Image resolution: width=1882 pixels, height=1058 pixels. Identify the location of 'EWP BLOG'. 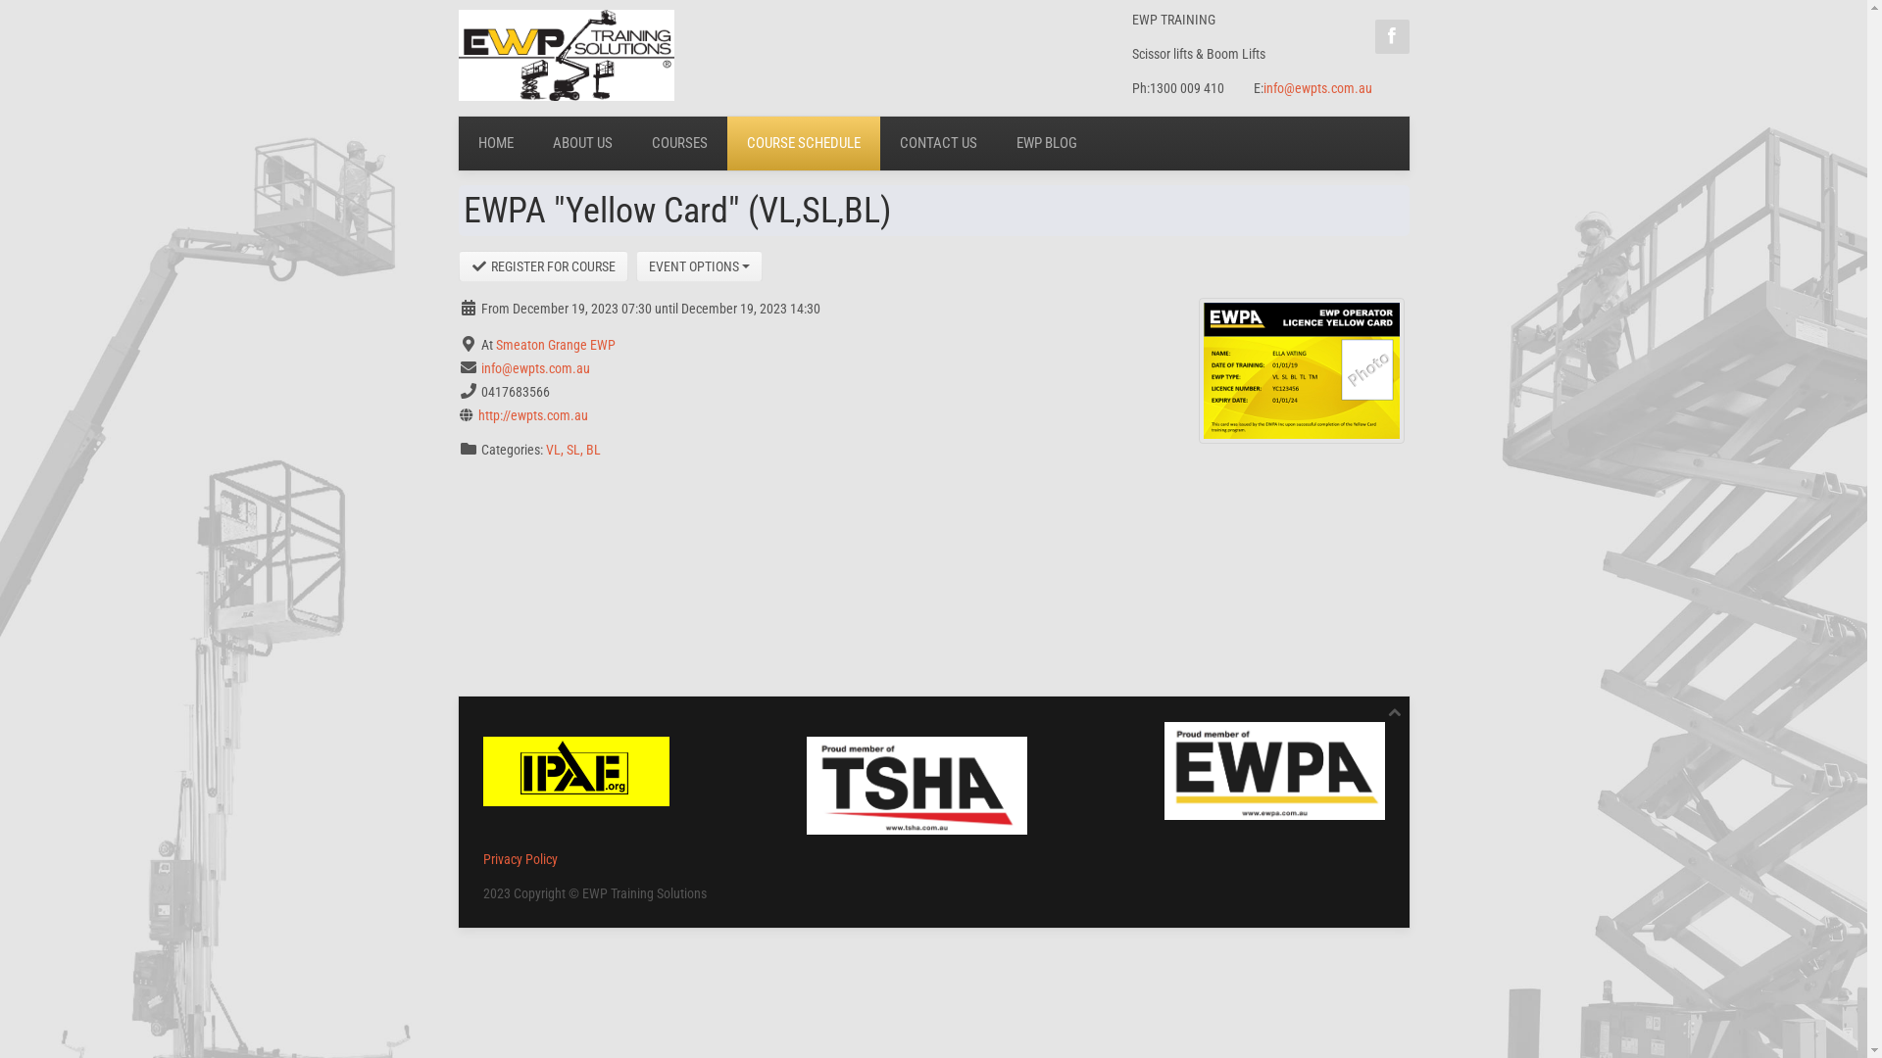
(996, 142).